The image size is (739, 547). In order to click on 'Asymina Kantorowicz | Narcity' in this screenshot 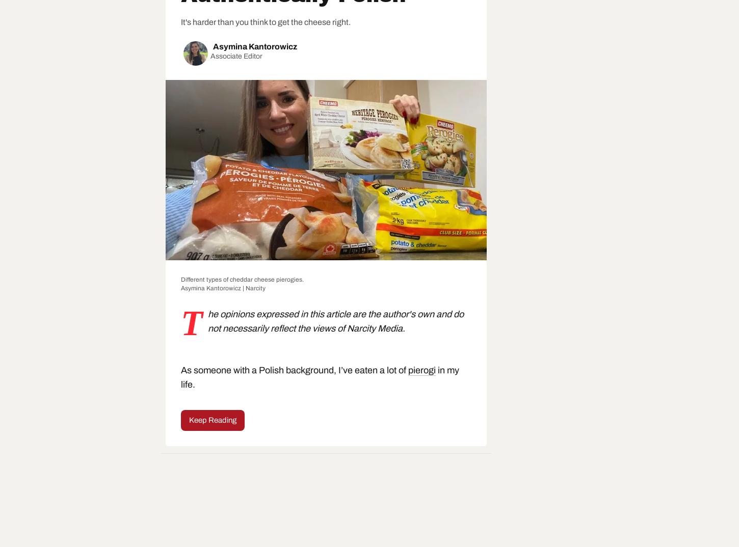, I will do `click(223, 287)`.